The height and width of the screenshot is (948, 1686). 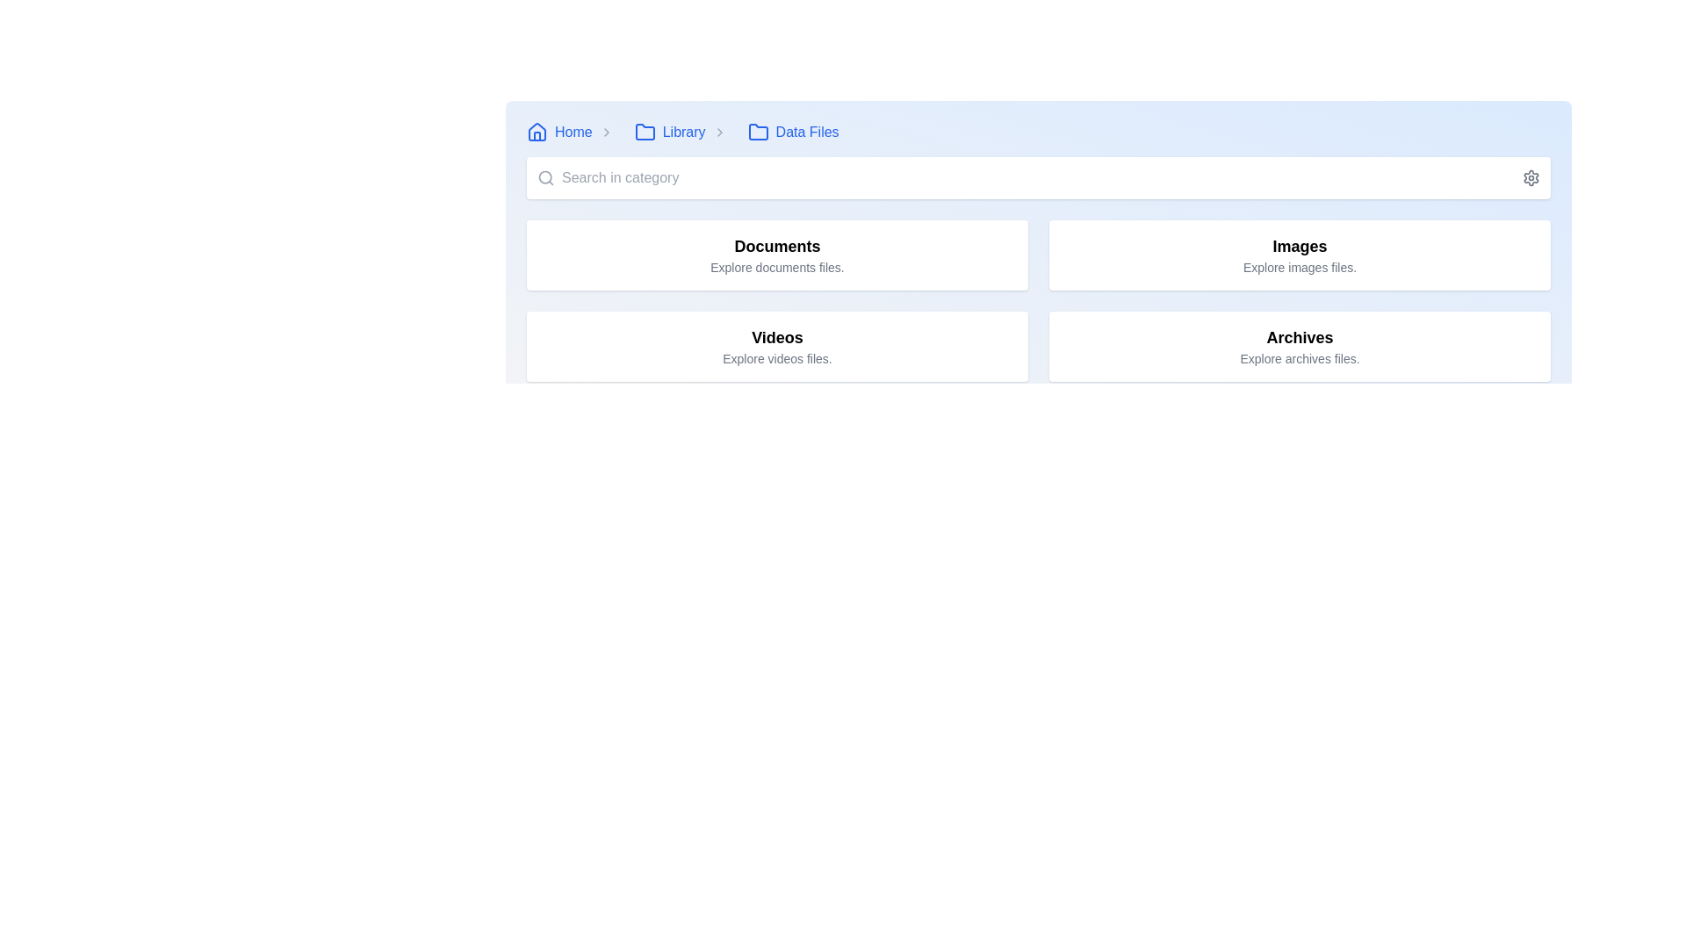 What do you see at coordinates (545, 178) in the screenshot?
I see `the search icon located on the left side of the search bar, which serves as a visual indicator for search functionality` at bounding box center [545, 178].